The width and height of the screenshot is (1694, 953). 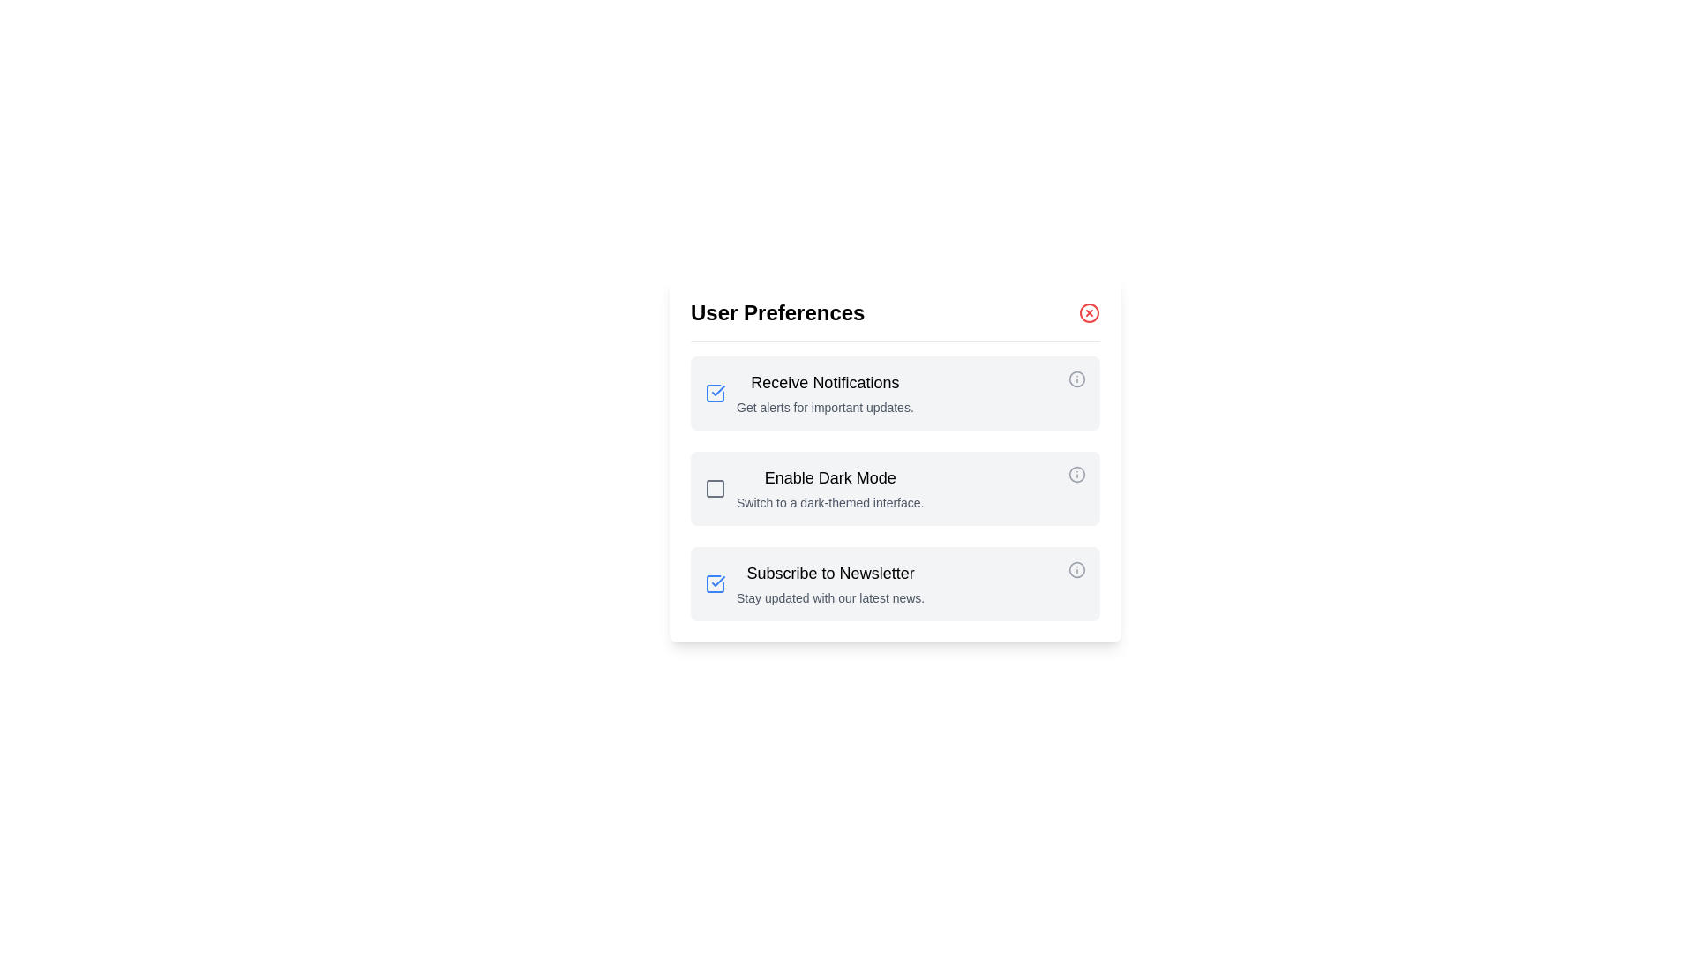 What do you see at coordinates (829, 489) in the screenshot?
I see `instructional text label explaining the purpose of the adjacent checkbox for enabling a dark theme` at bounding box center [829, 489].